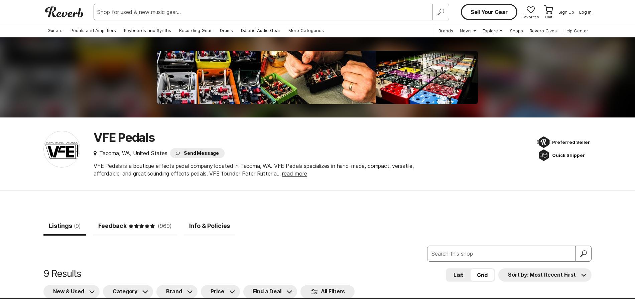 Image resolution: width=635 pixels, height=299 pixels. I want to click on 'Reverb Gives', so click(543, 31).